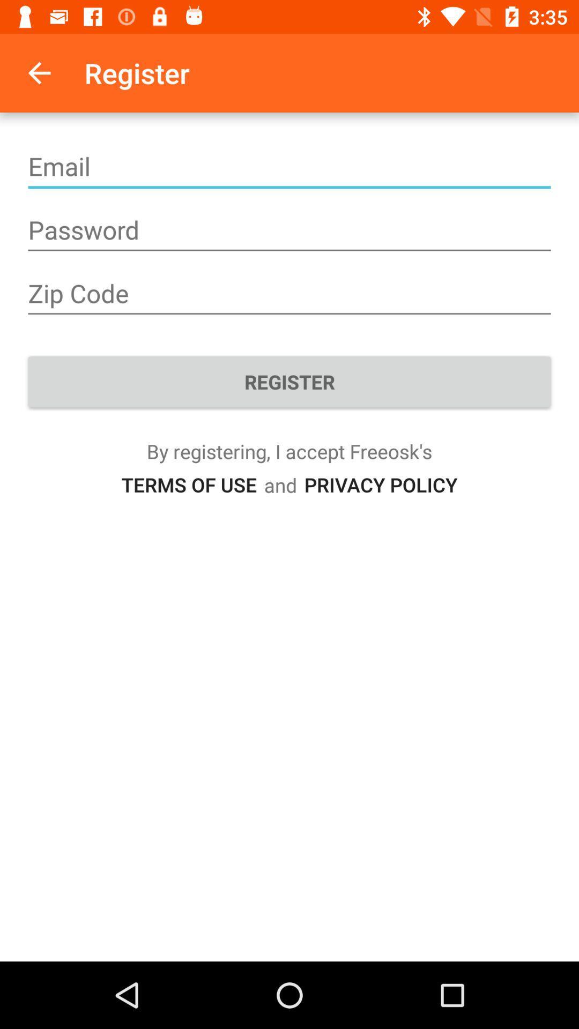 The width and height of the screenshot is (579, 1029). I want to click on item next to the and, so click(188, 484).